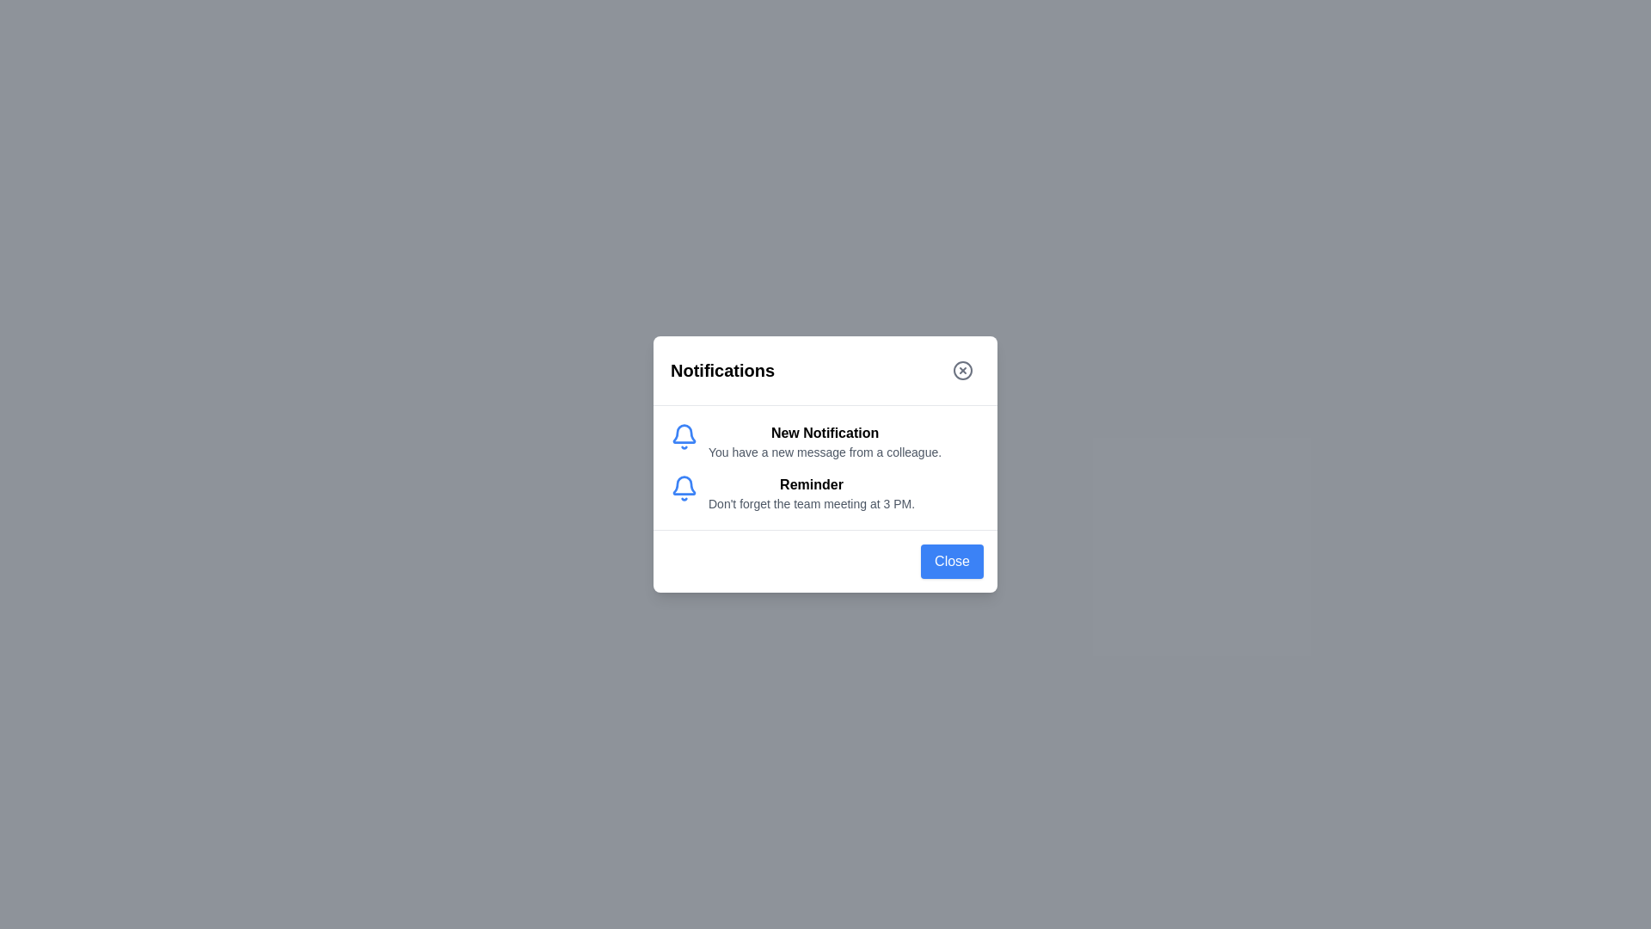 Image resolution: width=1651 pixels, height=929 pixels. I want to click on the bold-text heading labeled 'New Notification' located in the first notification group of the notification panel, so click(824, 433).